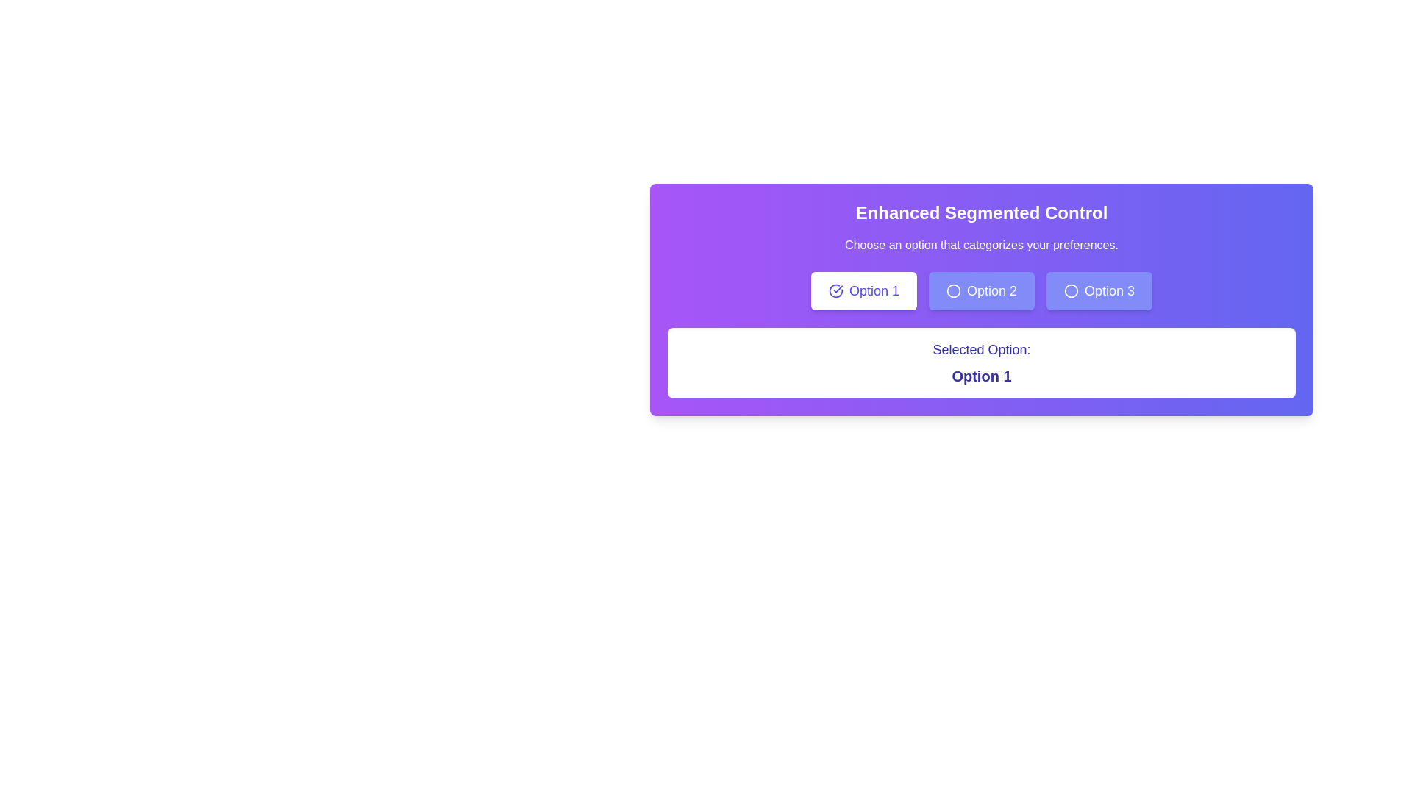 The height and width of the screenshot is (794, 1412). What do you see at coordinates (981, 291) in the screenshot?
I see `the 'Option 2' button in the segmented control` at bounding box center [981, 291].